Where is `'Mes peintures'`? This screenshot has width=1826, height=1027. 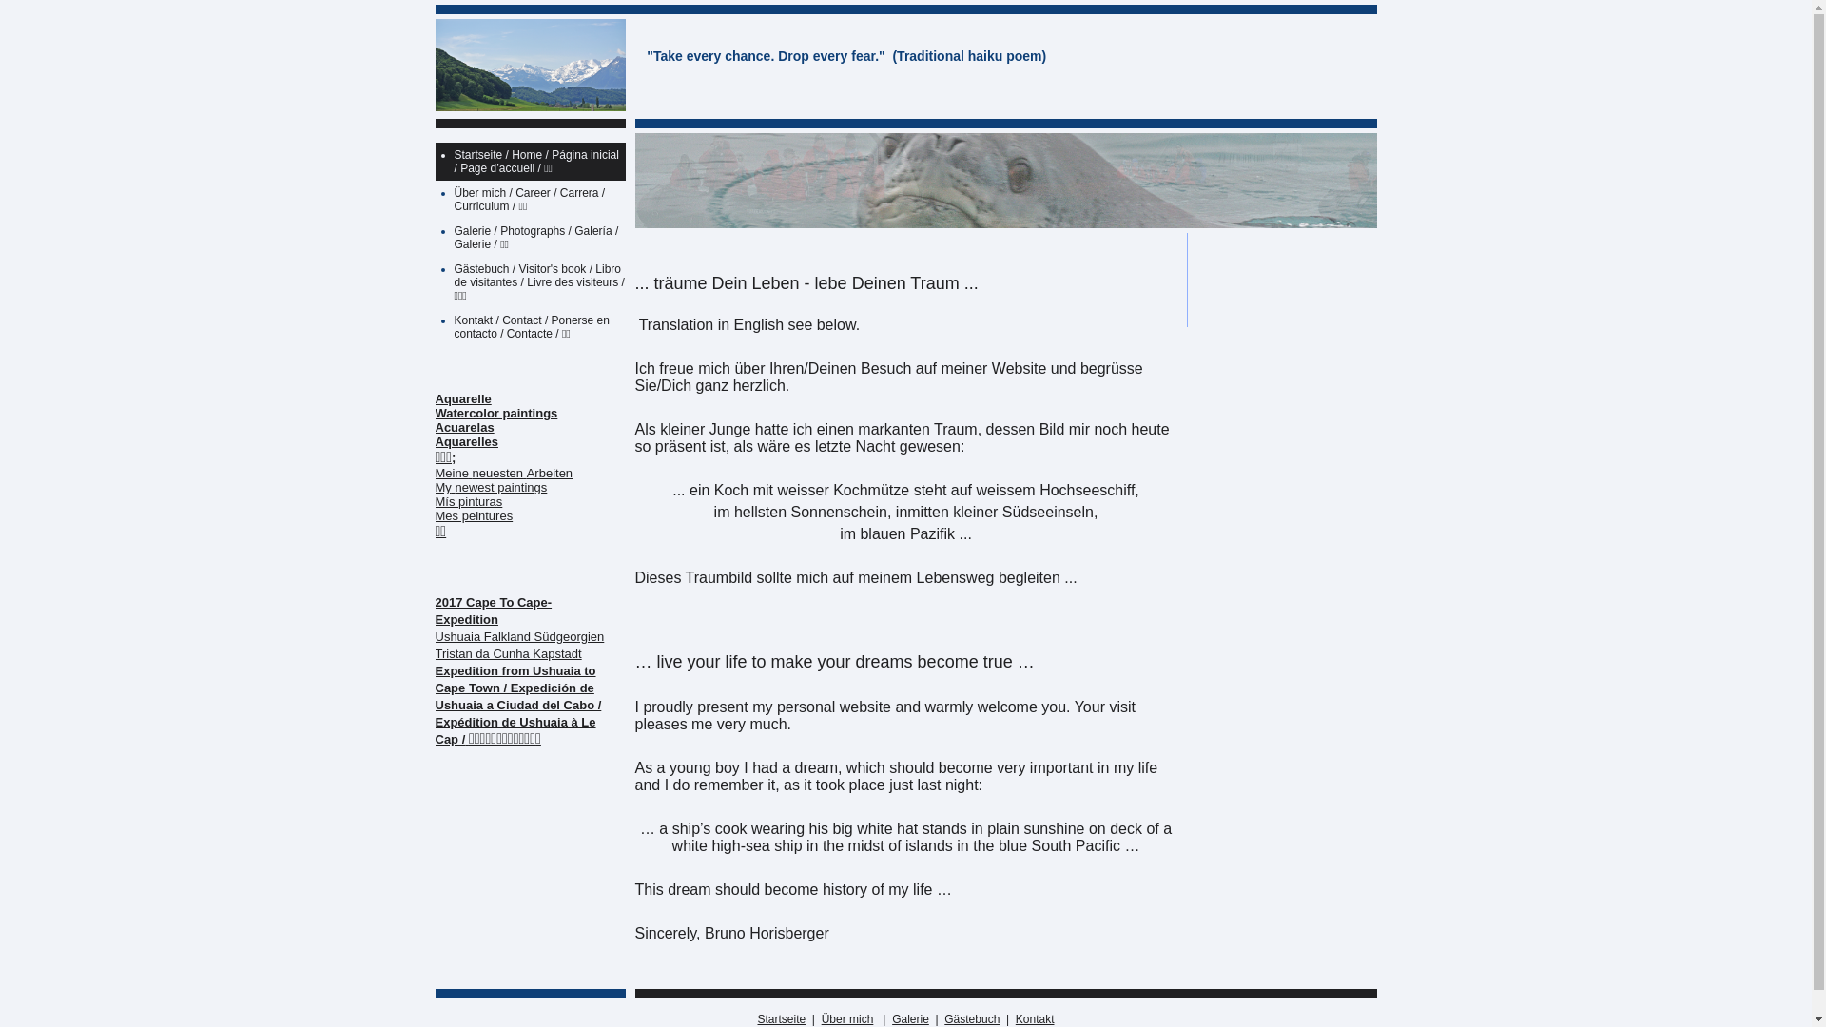
'Mes peintures' is located at coordinates (475, 515).